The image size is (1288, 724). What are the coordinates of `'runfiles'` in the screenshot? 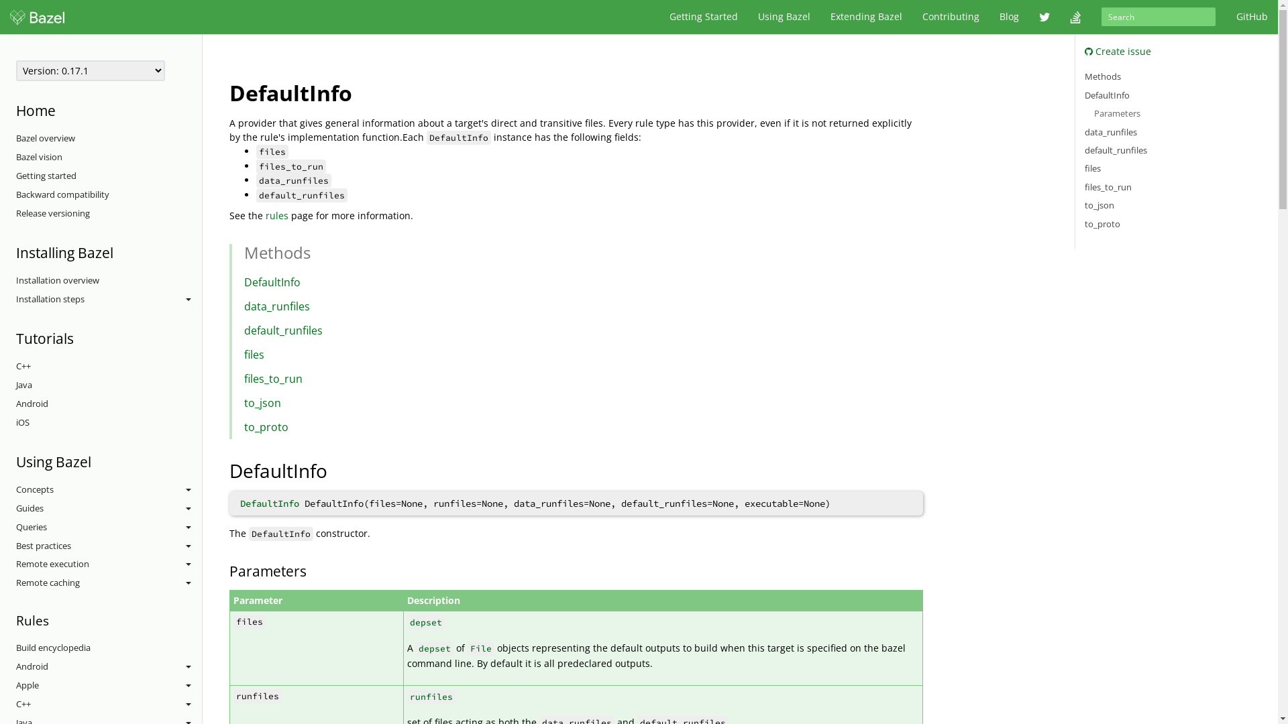 It's located at (409, 696).